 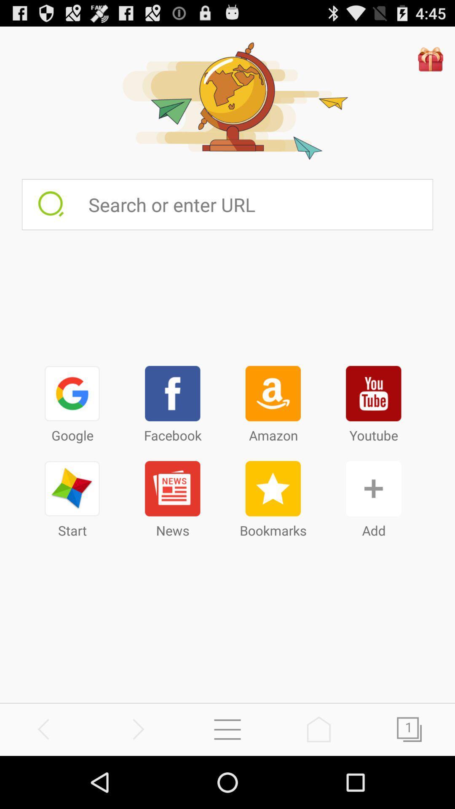 I want to click on search, so click(x=45, y=729).